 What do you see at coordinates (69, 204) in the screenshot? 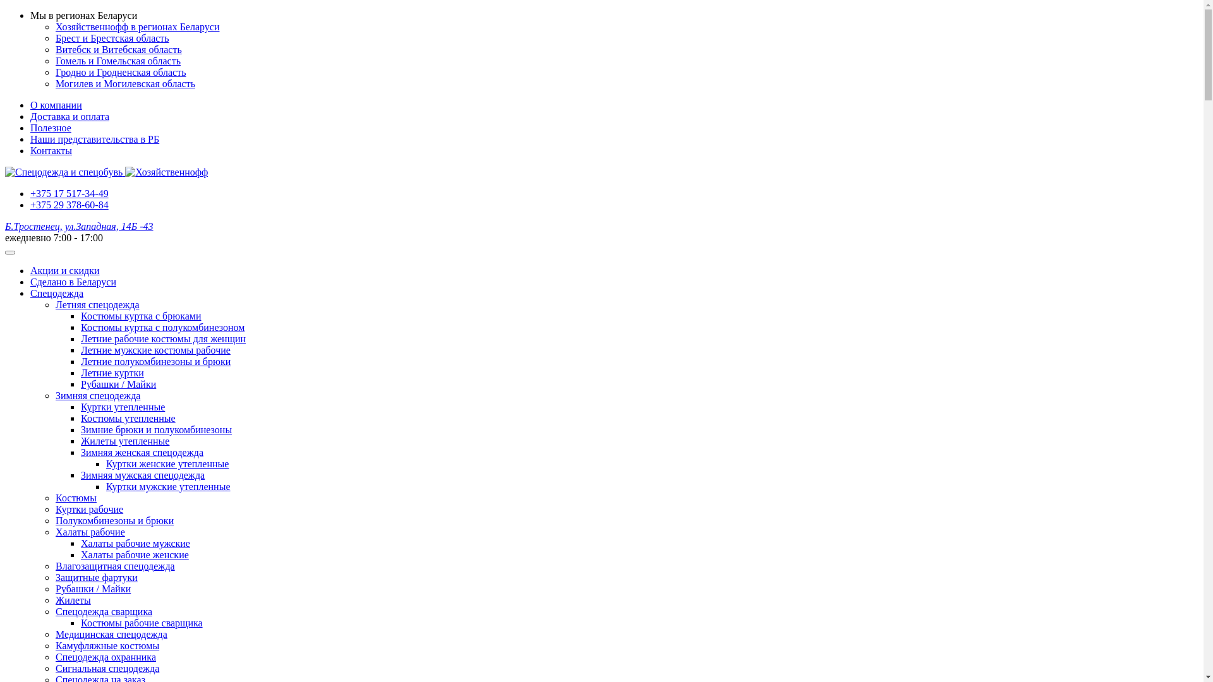
I see `'+375 29 378-60-84'` at bounding box center [69, 204].